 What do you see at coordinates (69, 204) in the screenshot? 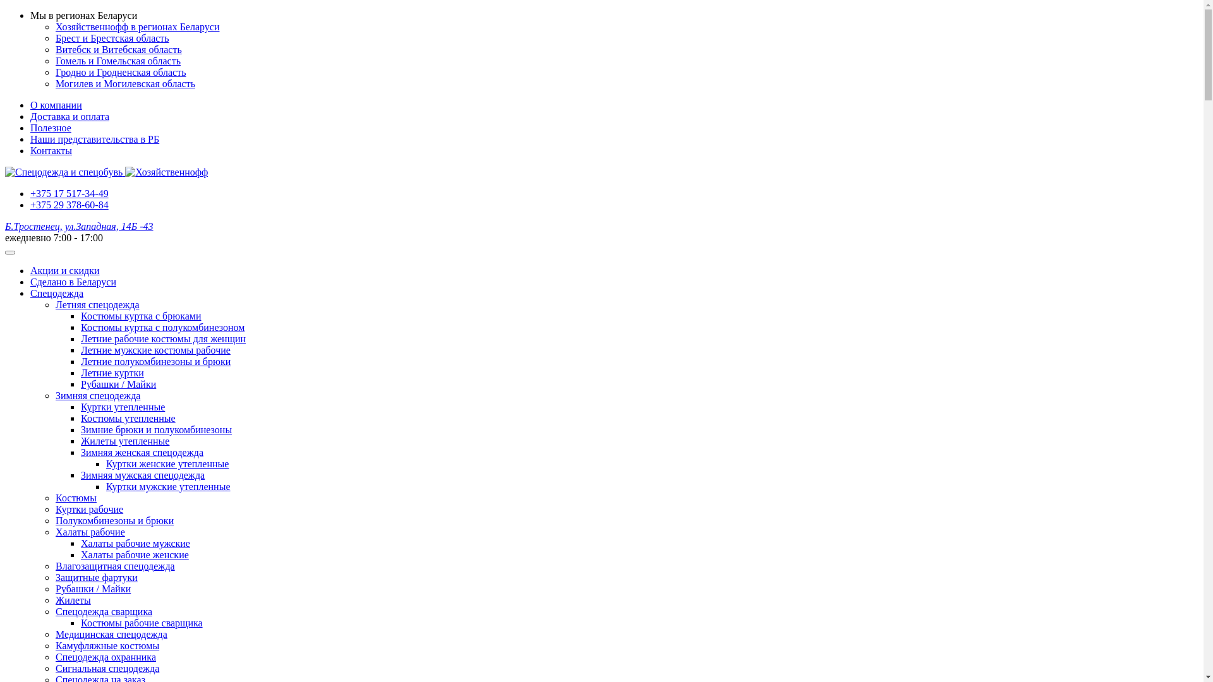
I see `'+375 29 378-60-84'` at bounding box center [69, 204].